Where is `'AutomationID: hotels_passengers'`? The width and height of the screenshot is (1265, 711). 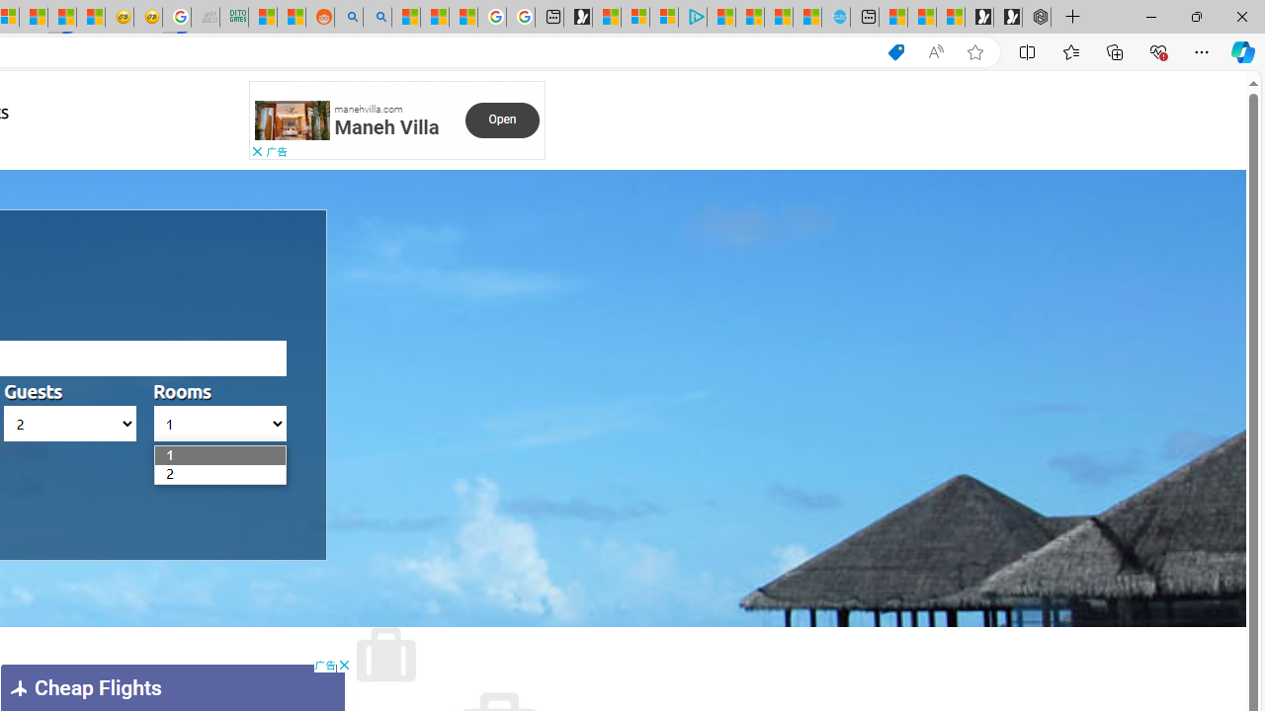 'AutomationID: hotels_passengers' is located at coordinates (70, 423).